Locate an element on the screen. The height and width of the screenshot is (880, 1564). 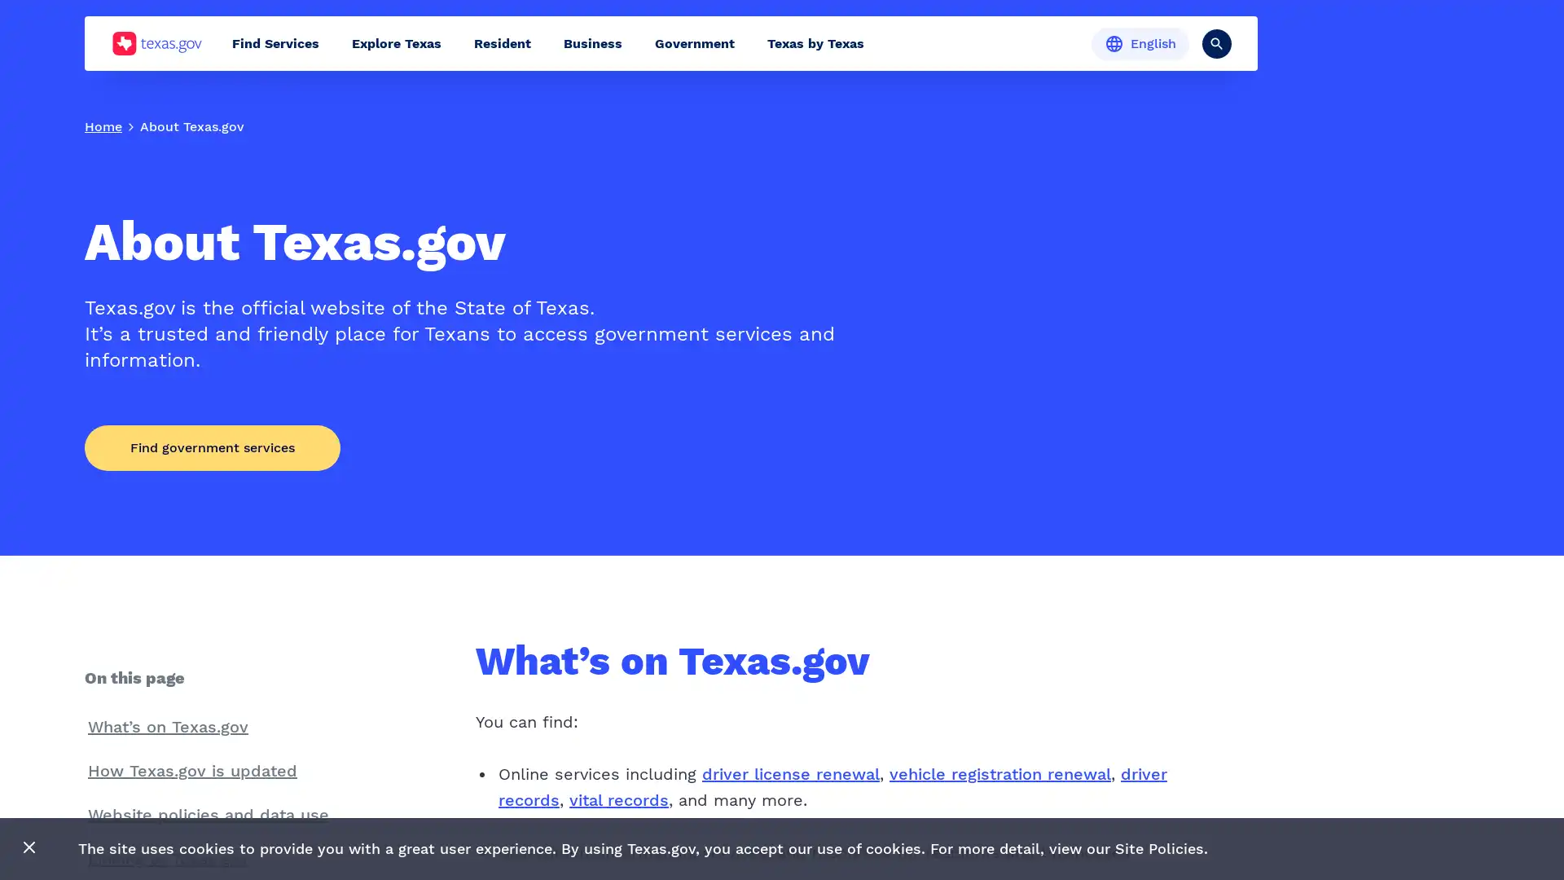
Resident is located at coordinates (502, 42).